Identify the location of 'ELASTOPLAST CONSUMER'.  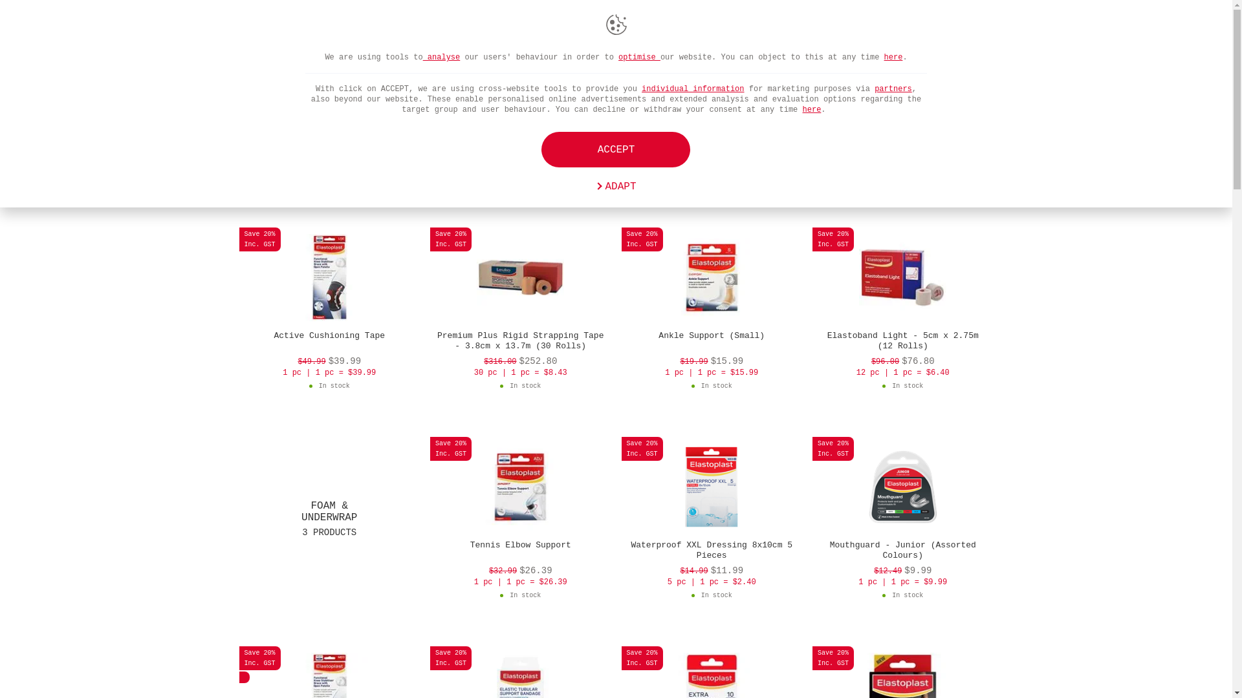
(747, 27).